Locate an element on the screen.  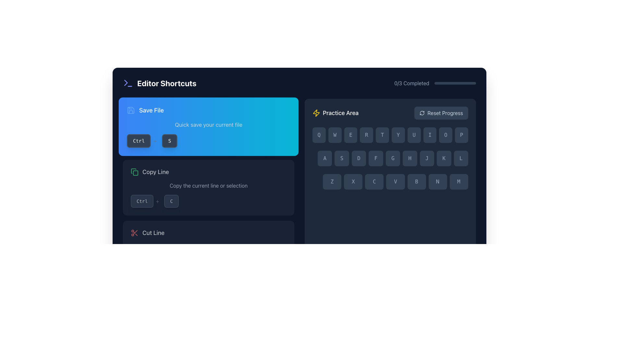
the 'Cut Line' label text, which is displayed in white font and is positioned next to a red scissors icon in the bottom section of the interface is located at coordinates (153, 232).